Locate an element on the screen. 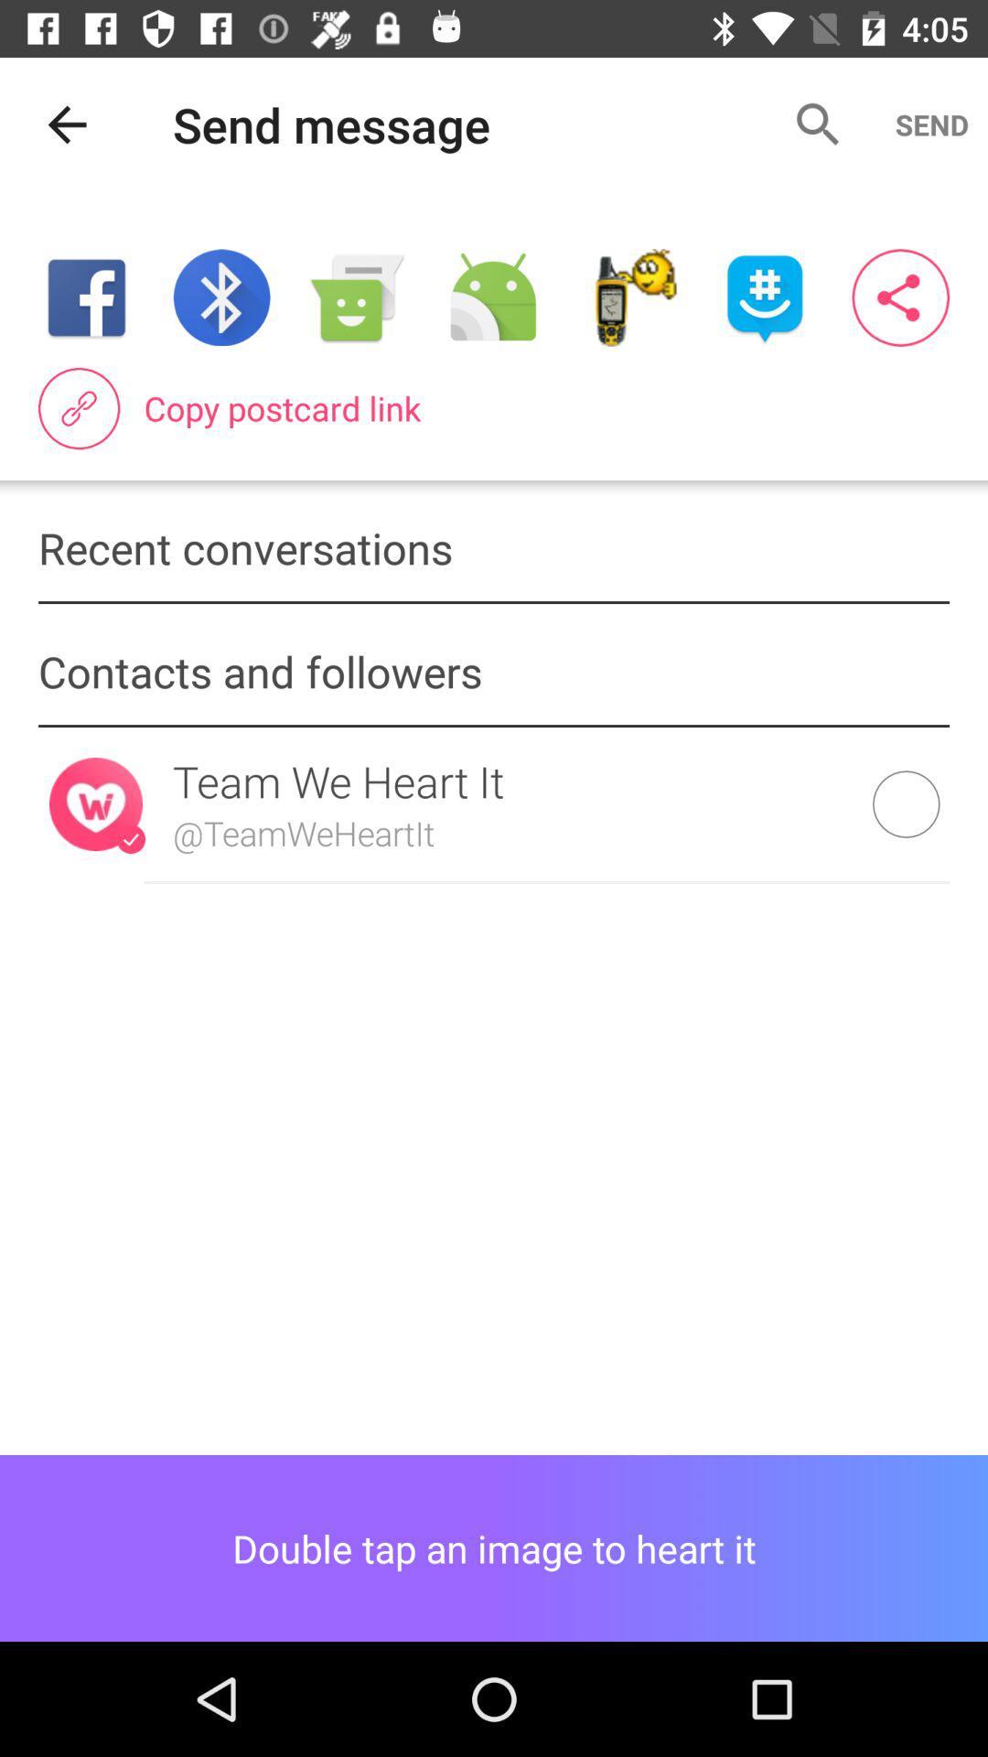  the share icon is located at coordinates (899, 297).